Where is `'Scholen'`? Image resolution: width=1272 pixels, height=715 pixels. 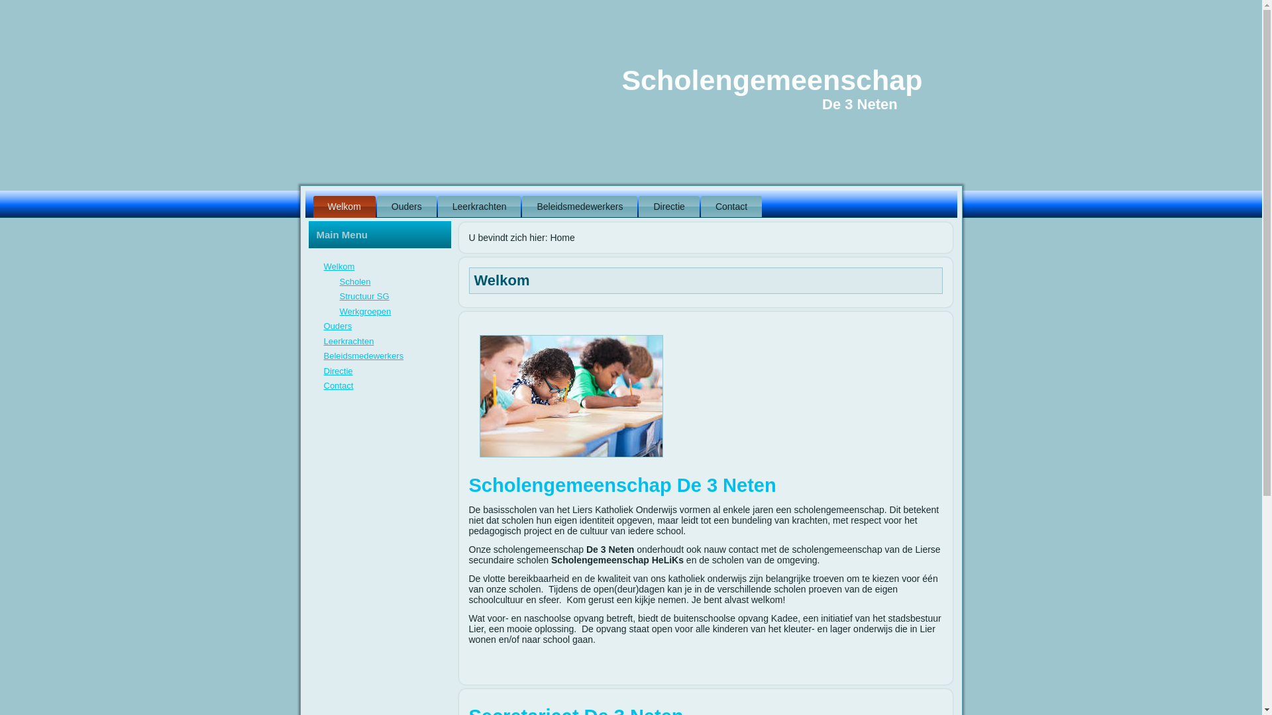 'Scholen' is located at coordinates (354, 281).